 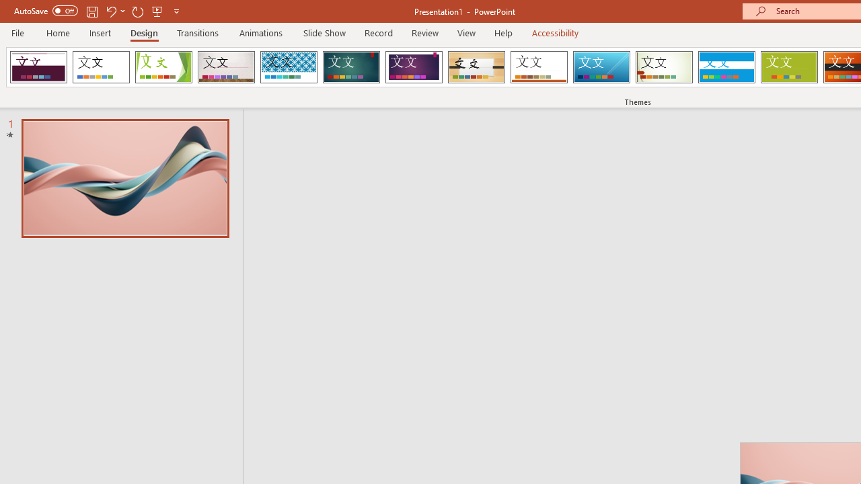 I want to click on 'Organic', so click(x=476, y=67).